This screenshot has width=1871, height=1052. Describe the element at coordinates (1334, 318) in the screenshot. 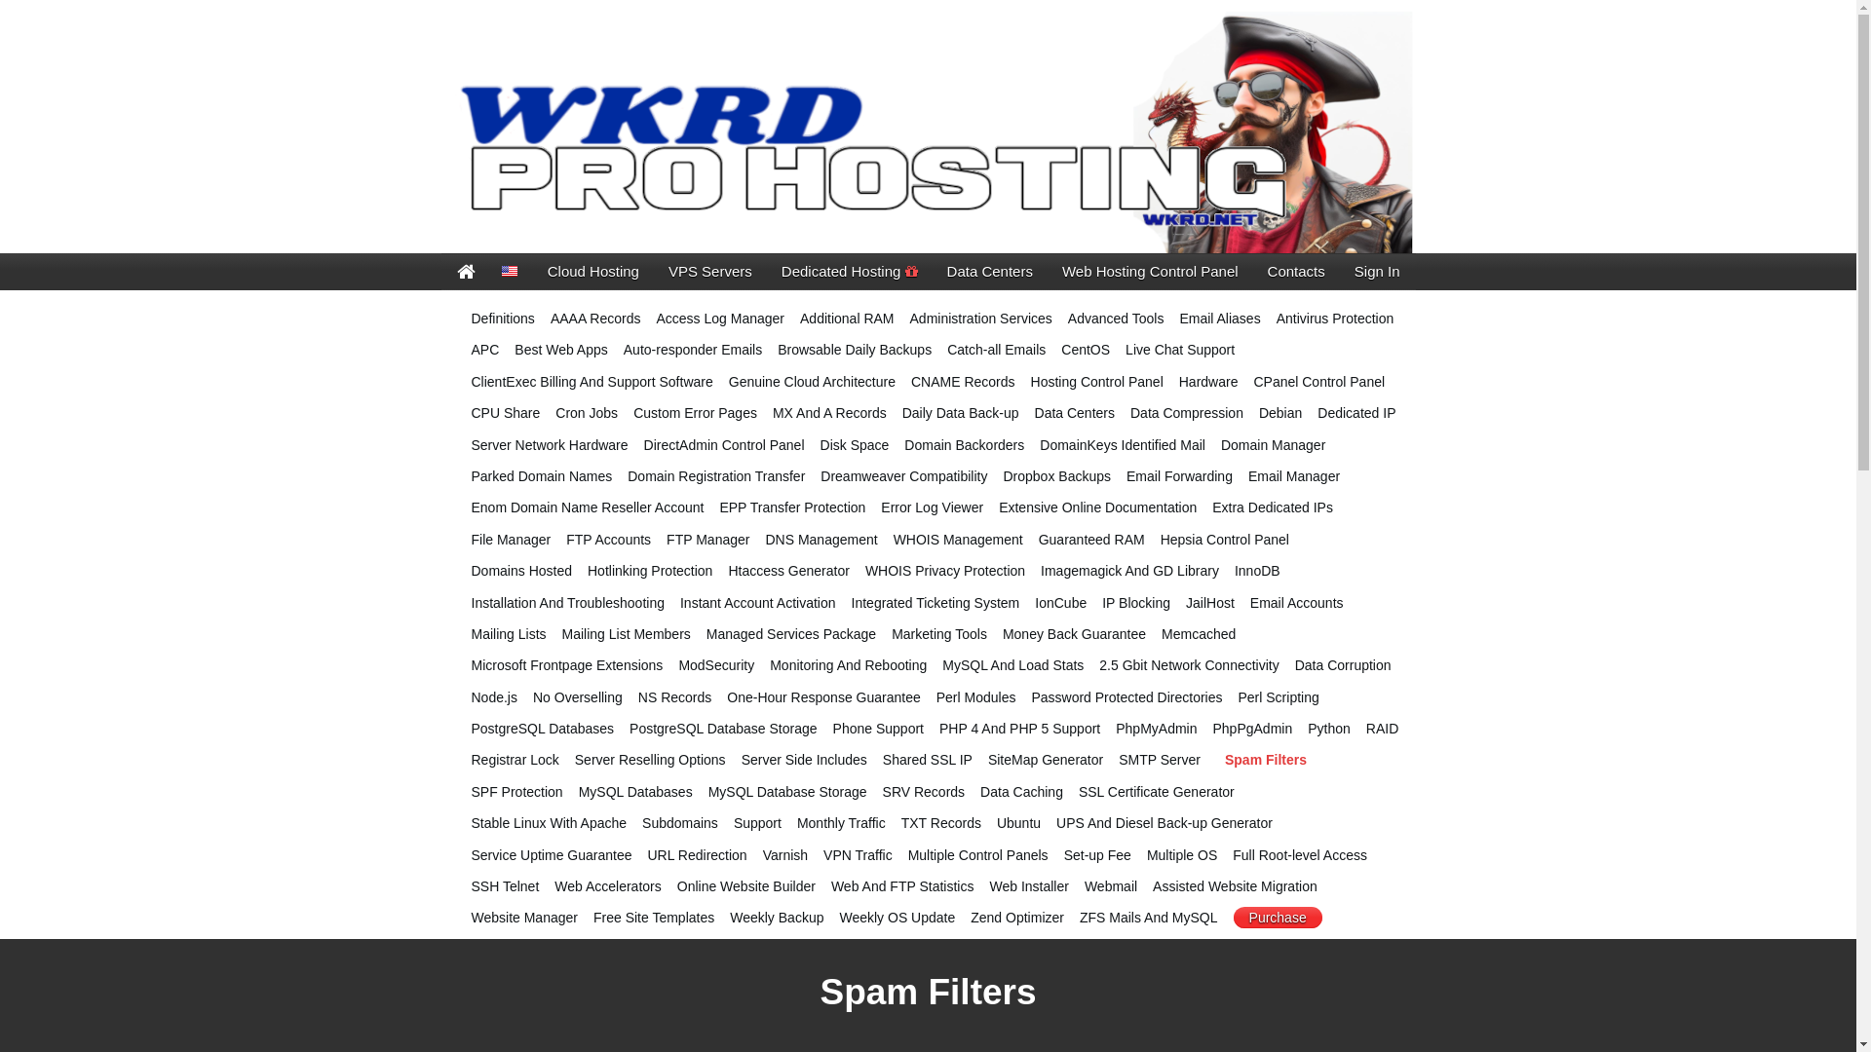

I see `'Antivirus Protection'` at that location.